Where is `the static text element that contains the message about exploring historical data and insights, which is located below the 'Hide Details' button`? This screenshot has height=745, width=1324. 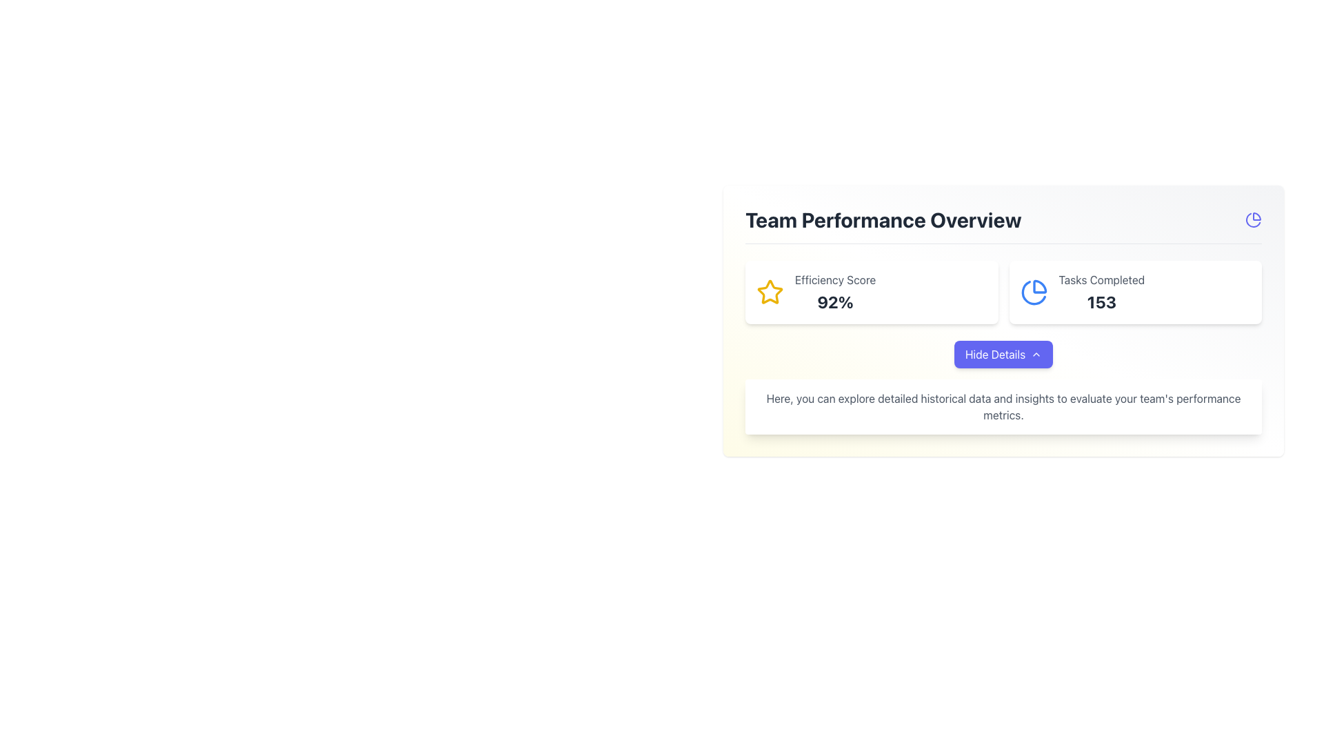 the static text element that contains the message about exploring historical data and insights, which is located below the 'Hide Details' button is located at coordinates (1003, 406).